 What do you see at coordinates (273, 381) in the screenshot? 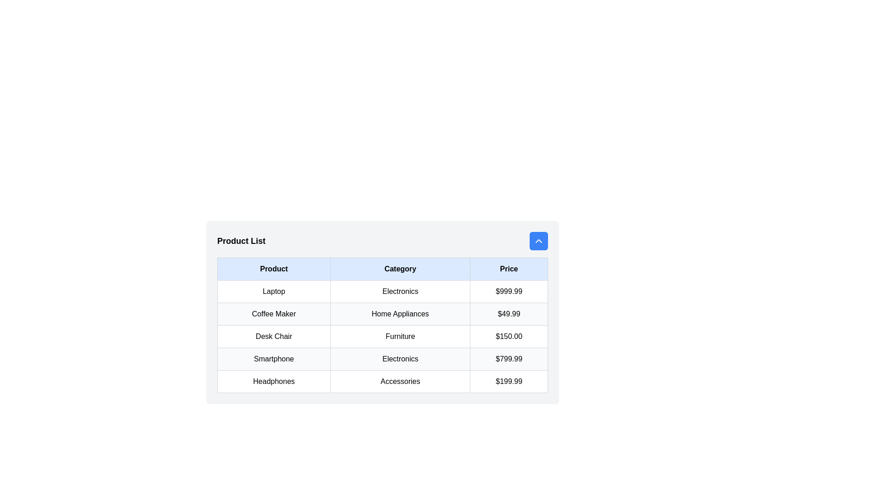
I see `the 'Headphones' text label` at bounding box center [273, 381].